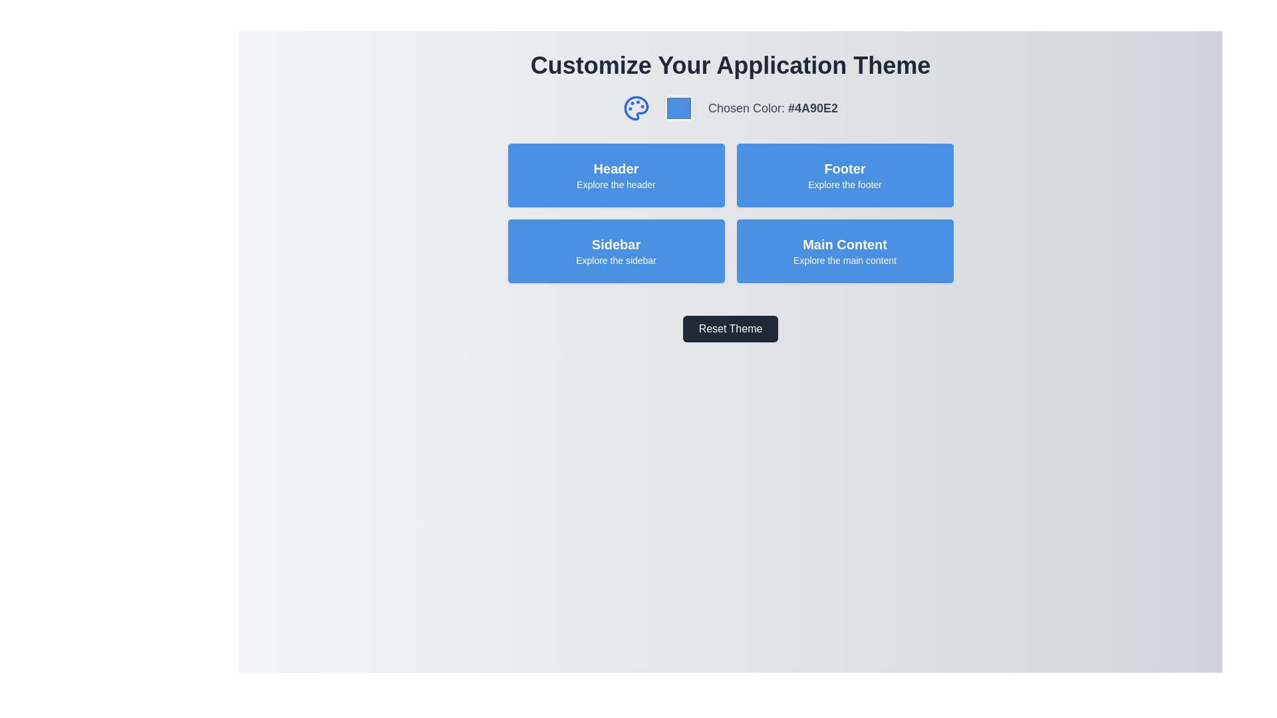 This screenshot has width=1277, height=718. Describe the element at coordinates (615, 251) in the screenshot. I see `the button-like UI component located in the third box of a grid layout, positioned on the lower-left side beneath the 'Header' element and to the left of the 'Main Content' element` at that location.